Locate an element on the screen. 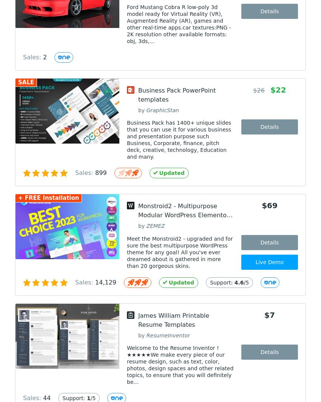 Image resolution: width=321 pixels, height=402 pixels. '44' is located at coordinates (46, 398).